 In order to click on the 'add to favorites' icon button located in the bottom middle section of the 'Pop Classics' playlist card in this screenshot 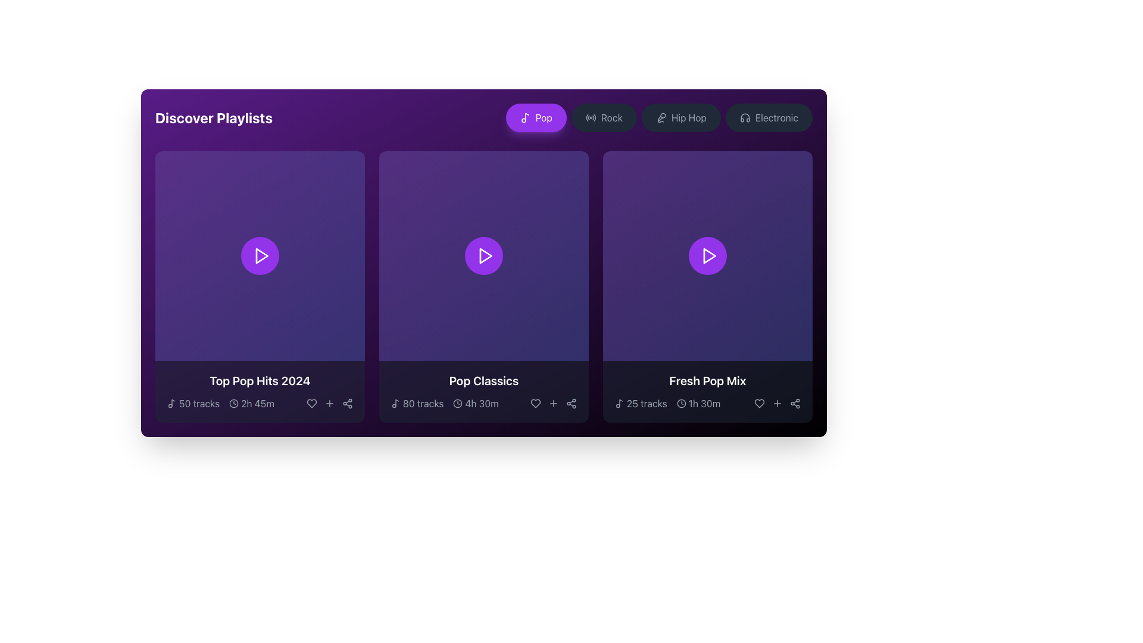, I will do `click(553, 403)`.